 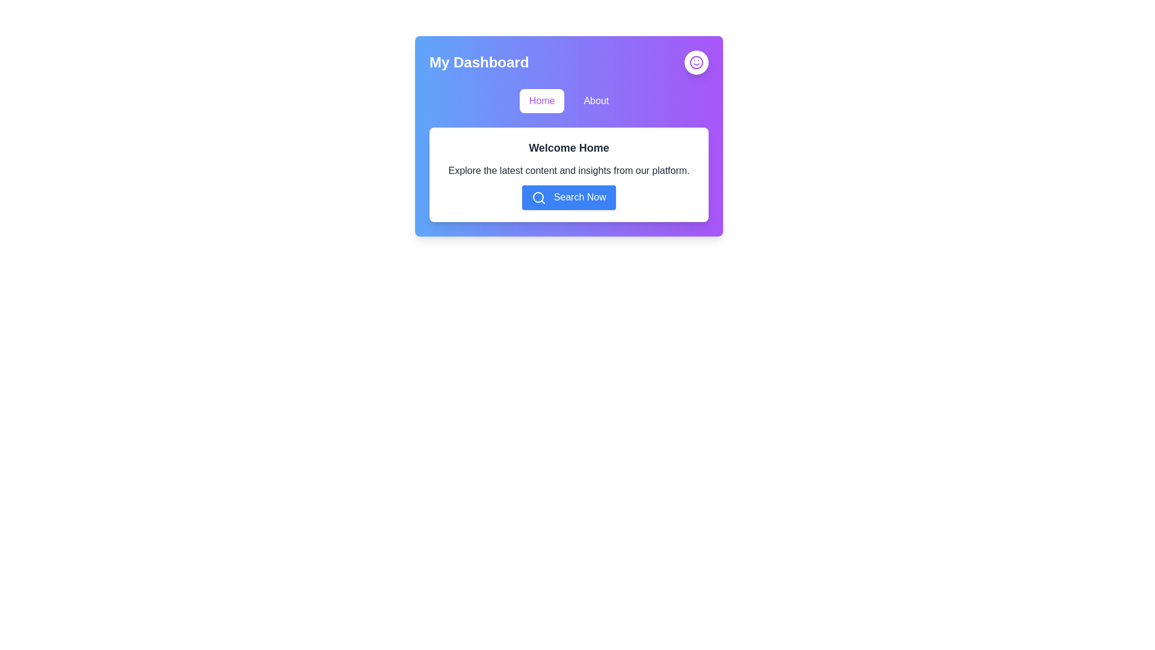 I want to click on the text label stating 'Explore the latest content and insights from our platform.' which is positioned below the bold heading 'Welcome Home' and above the 'Search Now' button, so click(x=568, y=171).